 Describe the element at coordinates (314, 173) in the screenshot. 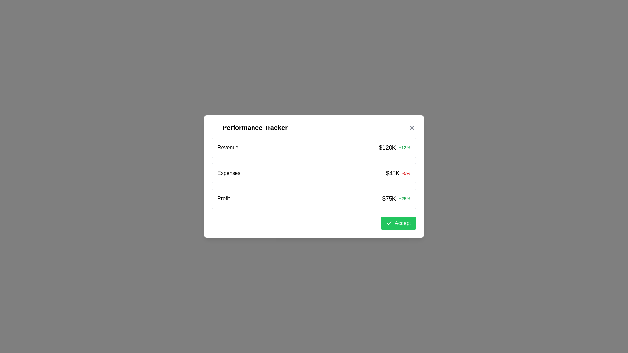

I see `the element Expenses to observe visual feedback` at that location.